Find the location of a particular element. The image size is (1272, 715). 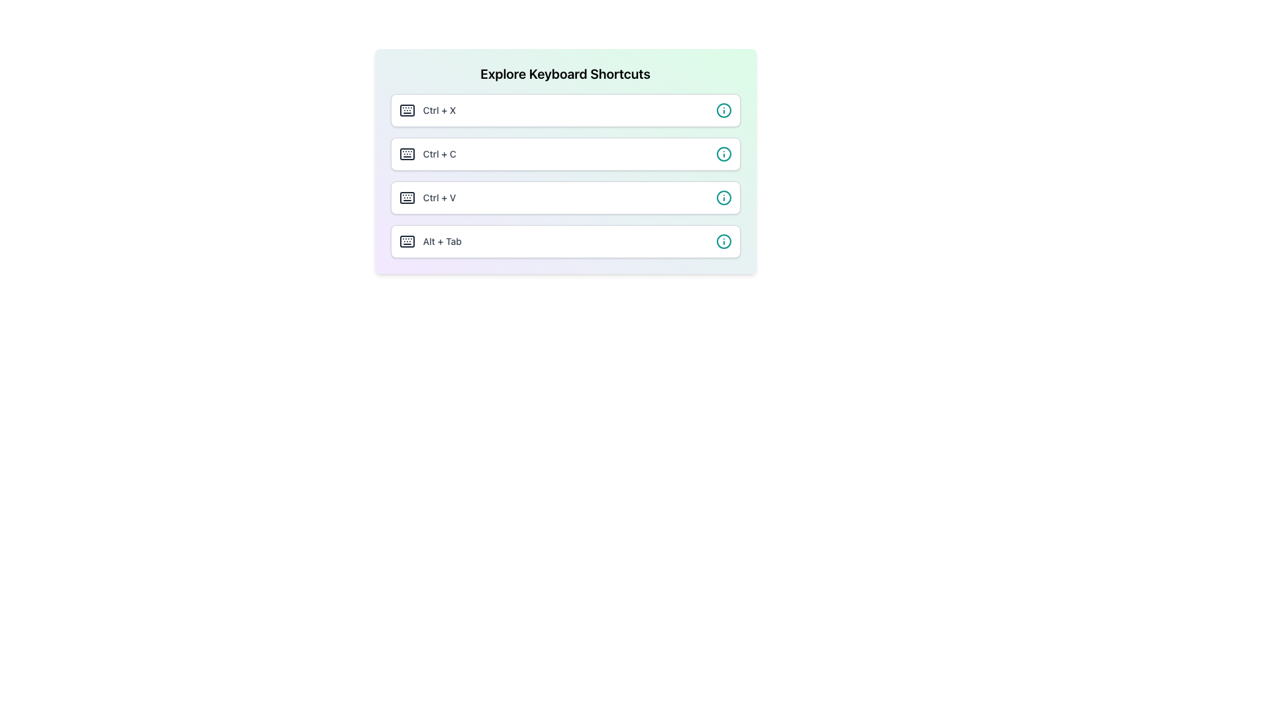

the appearance of the icon representing the 'Ctrl + V' keyboard shortcut, which is the leftmost component in the row with the text 'Ctrl + V' is located at coordinates (406, 198).